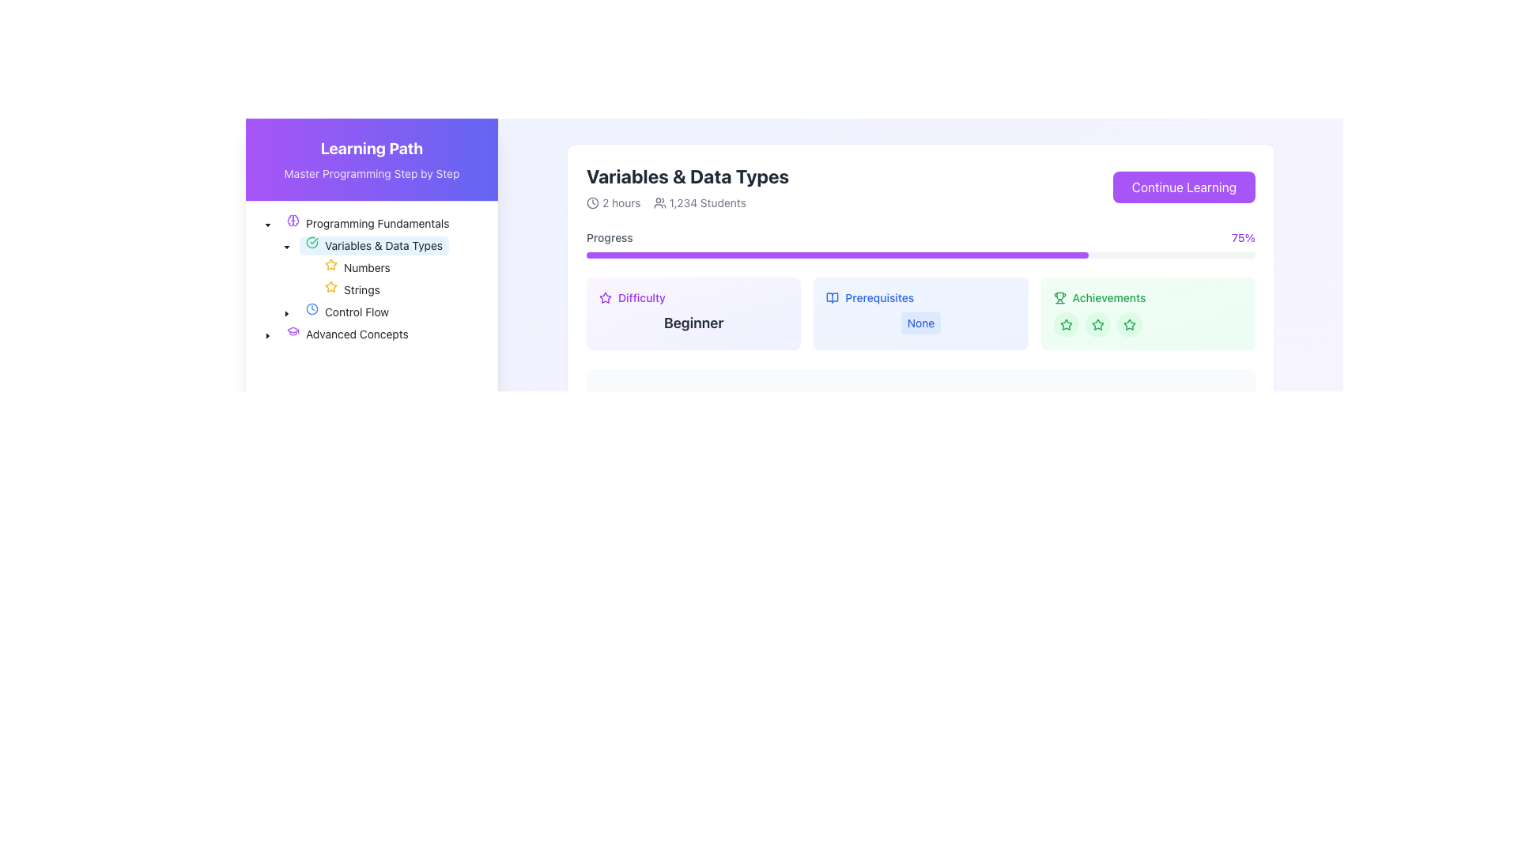 The width and height of the screenshot is (1518, 854). Describe the element at coordinates (613, 202) in the screenshot. I see `the Label with a clock icon that displays '2 hours', located in the upper-right portion of the interface, adjacent to '1,234 Students' under the 'Variables & Data Types' section` at that location.